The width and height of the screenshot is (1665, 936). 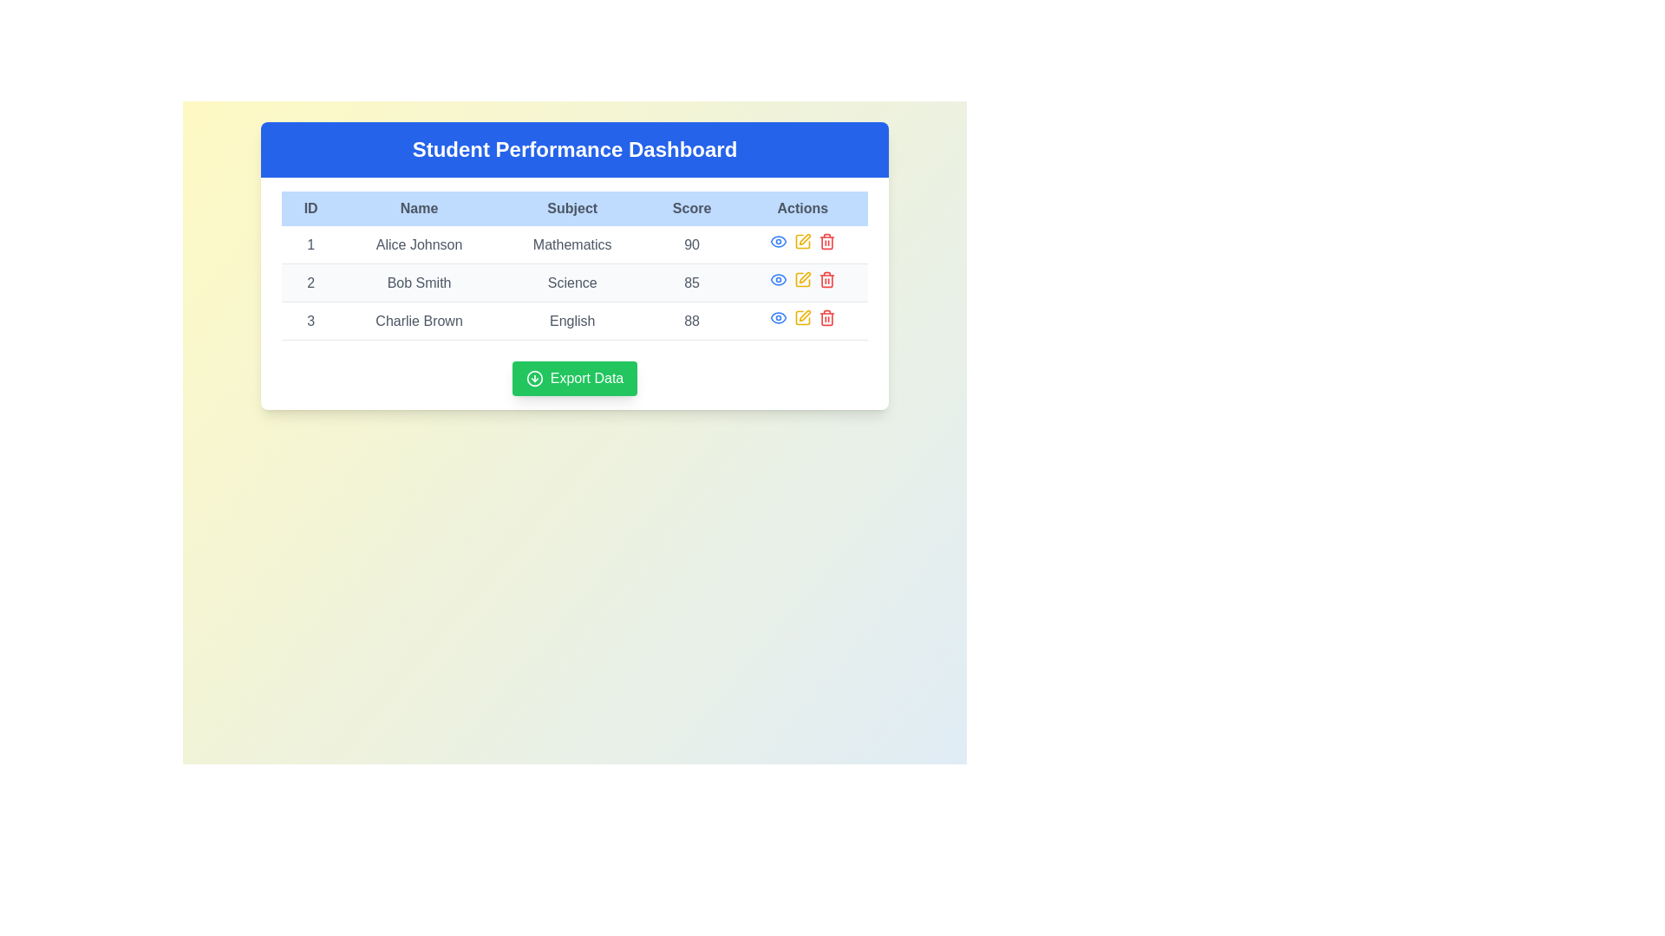 I want to click on the first table row which contains detailed information for a single entry, so click(x=574, y=244).